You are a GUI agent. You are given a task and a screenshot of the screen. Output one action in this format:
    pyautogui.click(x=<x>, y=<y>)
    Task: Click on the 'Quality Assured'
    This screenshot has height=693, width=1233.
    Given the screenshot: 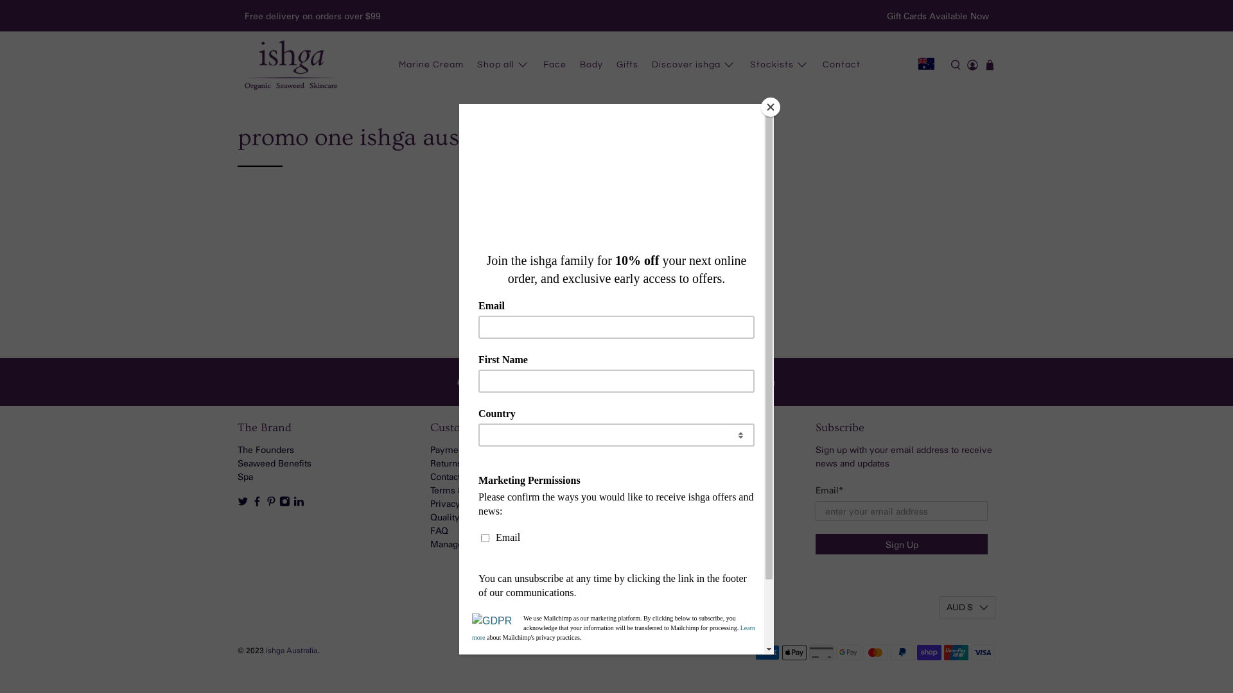 What is the action you would take?
    pyautogui.click(x=462, y=516)
    